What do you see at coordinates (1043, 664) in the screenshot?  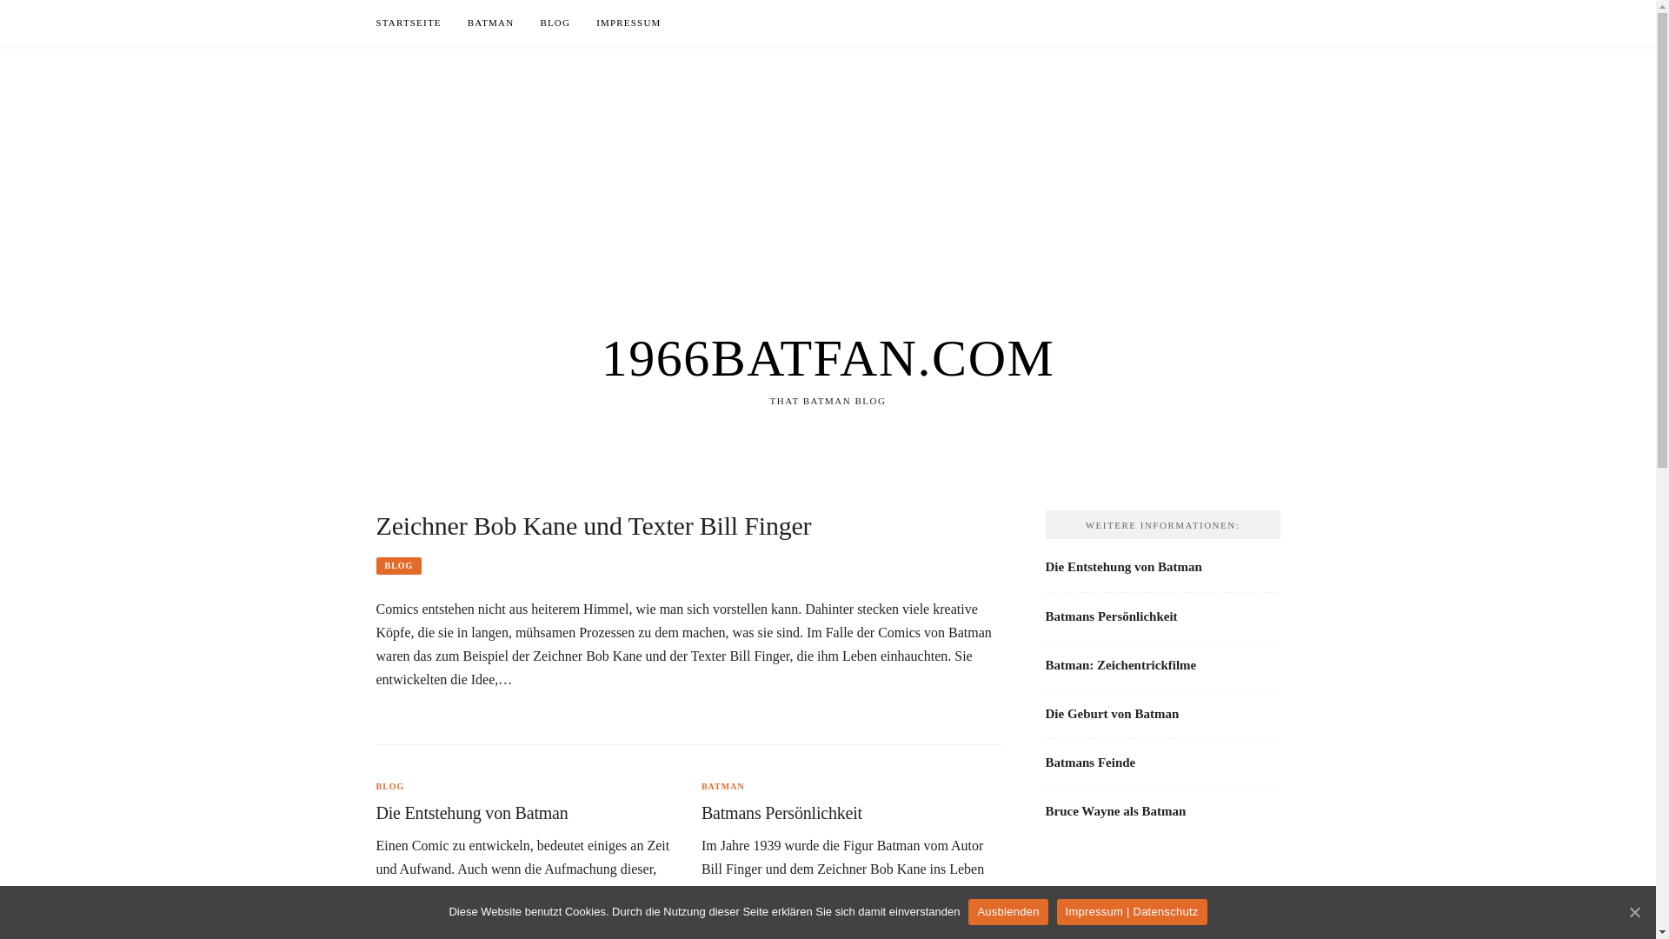 I see `'Batman: Zeichentrickfilme'` at bounding box center [1043, 664].